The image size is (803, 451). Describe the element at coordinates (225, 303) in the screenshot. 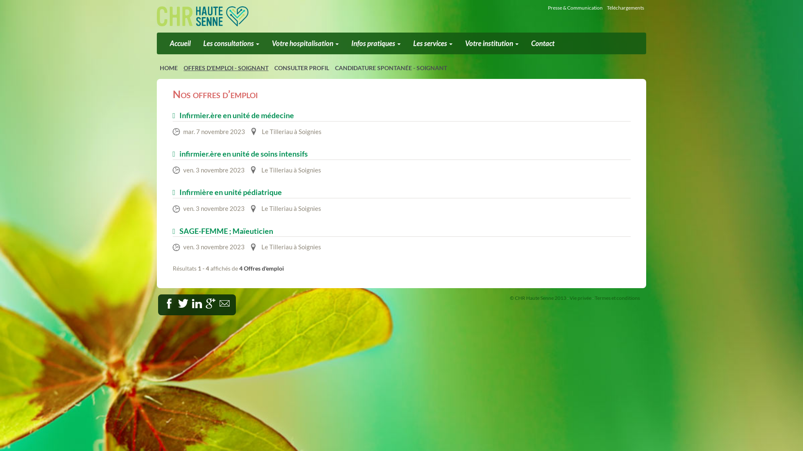

I see `'Email'` at that location.